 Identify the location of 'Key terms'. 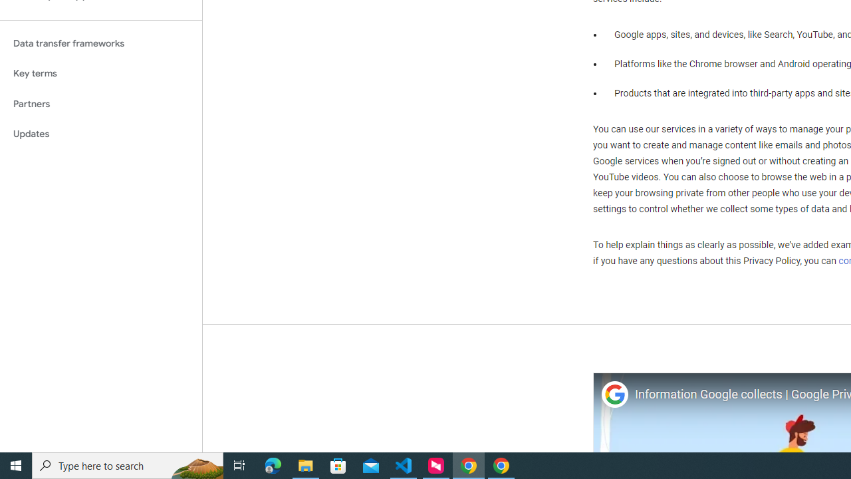
(100, 73).